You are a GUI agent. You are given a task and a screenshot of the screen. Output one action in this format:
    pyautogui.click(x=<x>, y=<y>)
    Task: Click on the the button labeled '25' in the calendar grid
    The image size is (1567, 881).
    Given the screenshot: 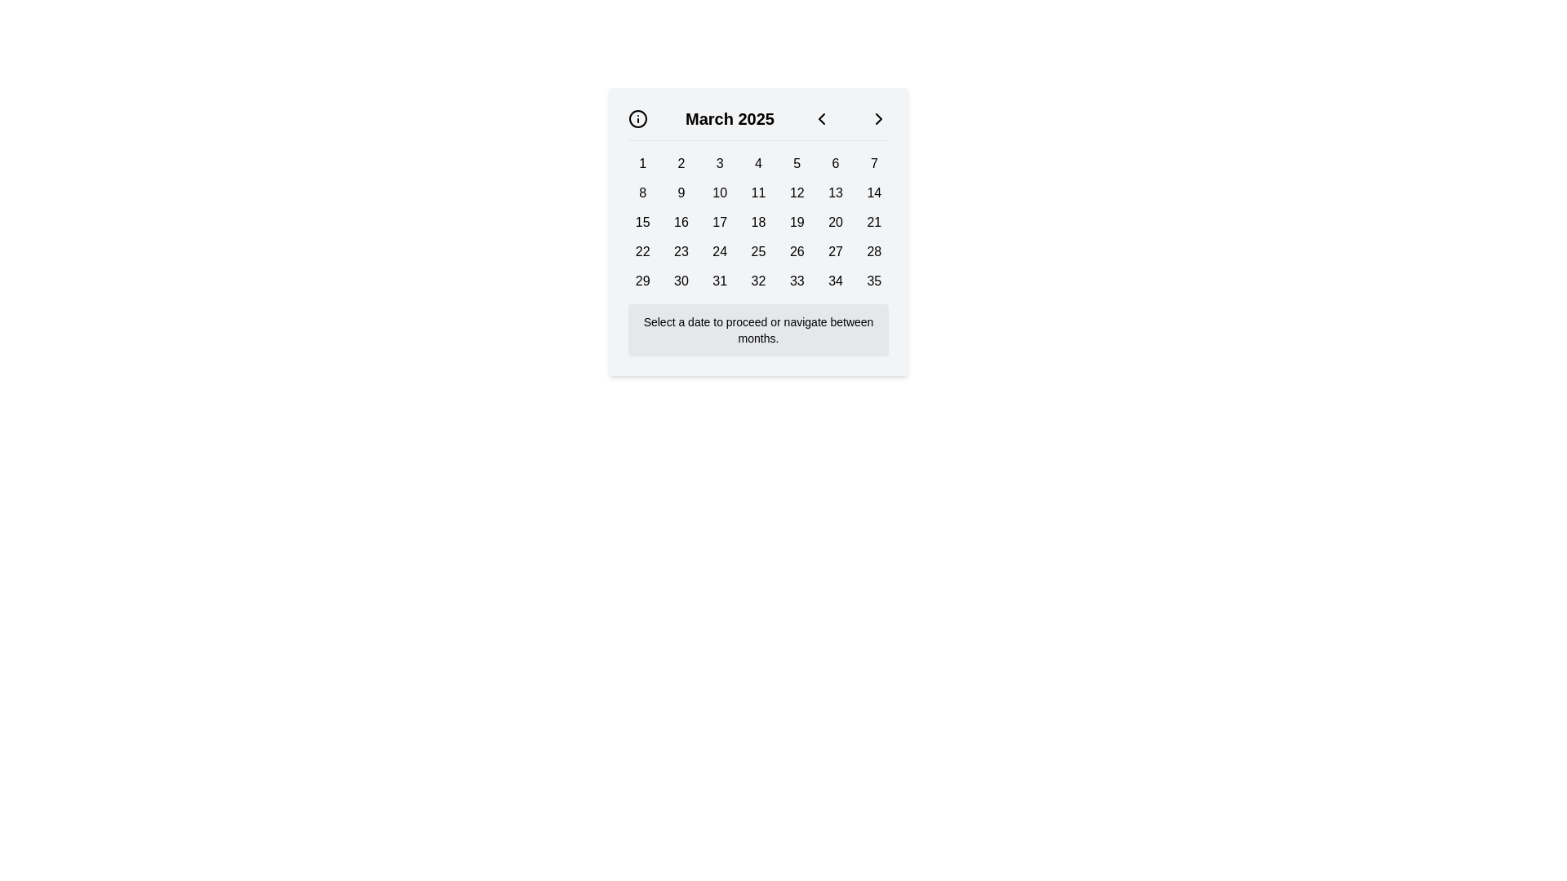 What is the action you would take?
    pyautogui.click(x=757, y=251)
    